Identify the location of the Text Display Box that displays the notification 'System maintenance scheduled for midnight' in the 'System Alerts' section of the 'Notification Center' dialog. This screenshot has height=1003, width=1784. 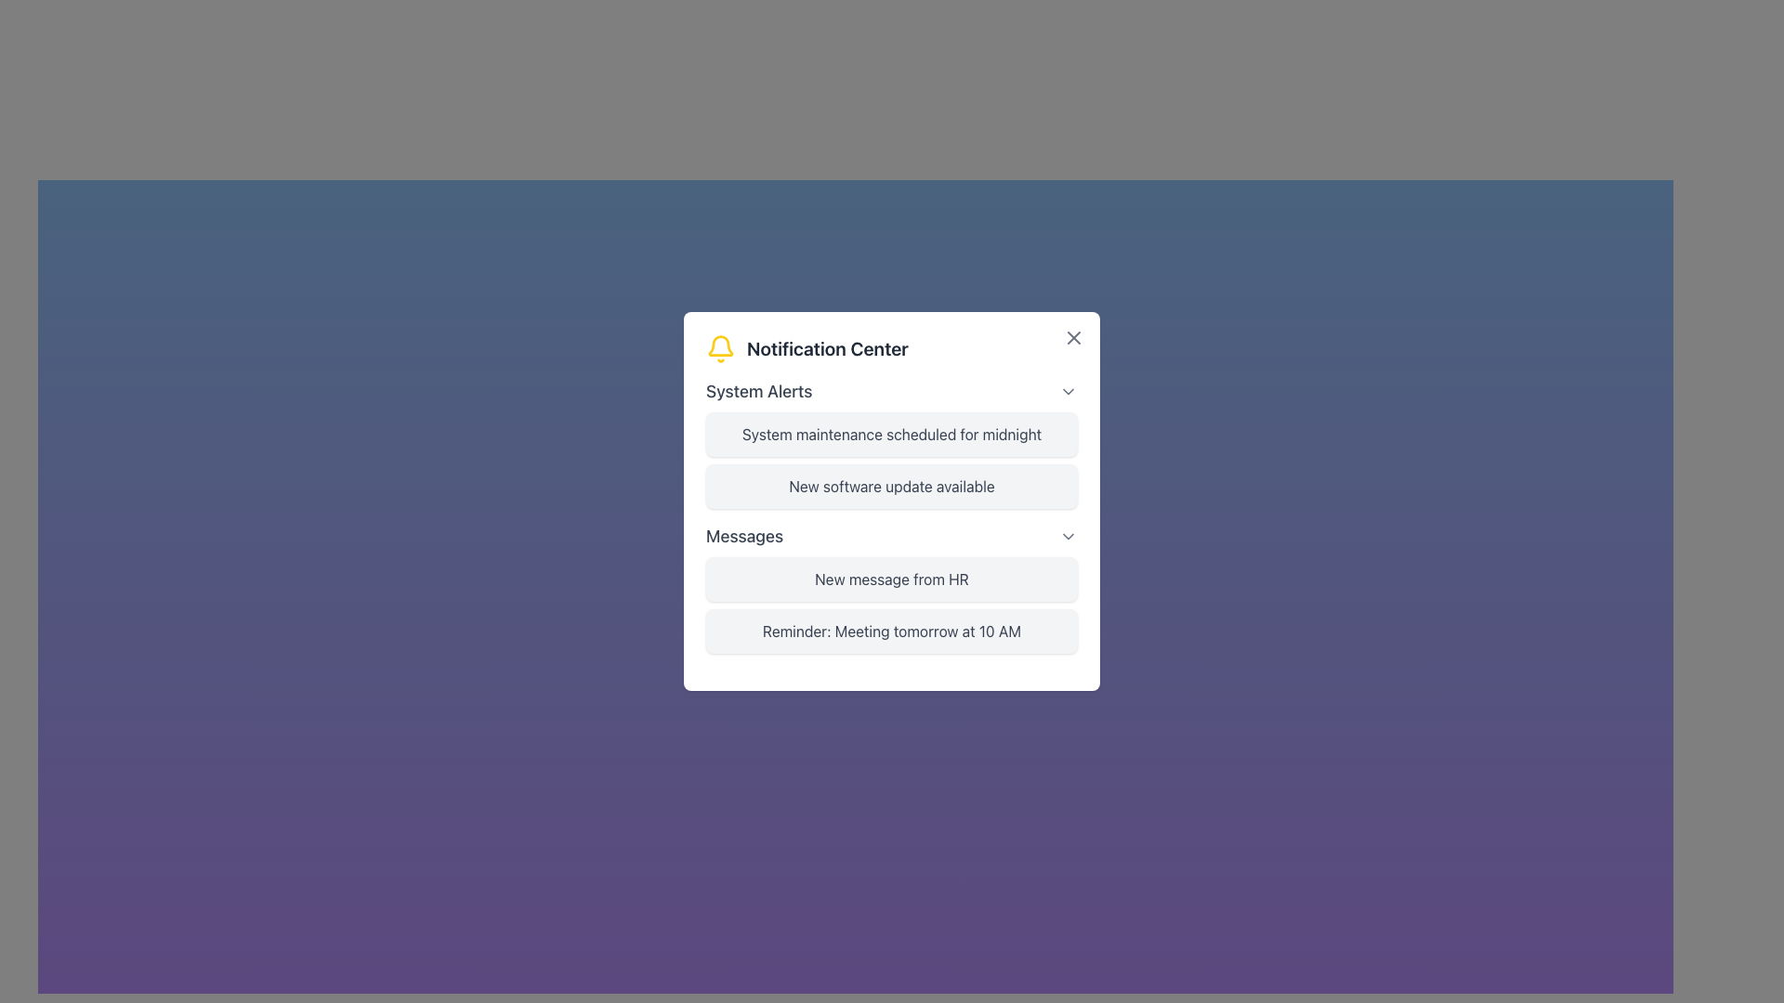
(892, 434).